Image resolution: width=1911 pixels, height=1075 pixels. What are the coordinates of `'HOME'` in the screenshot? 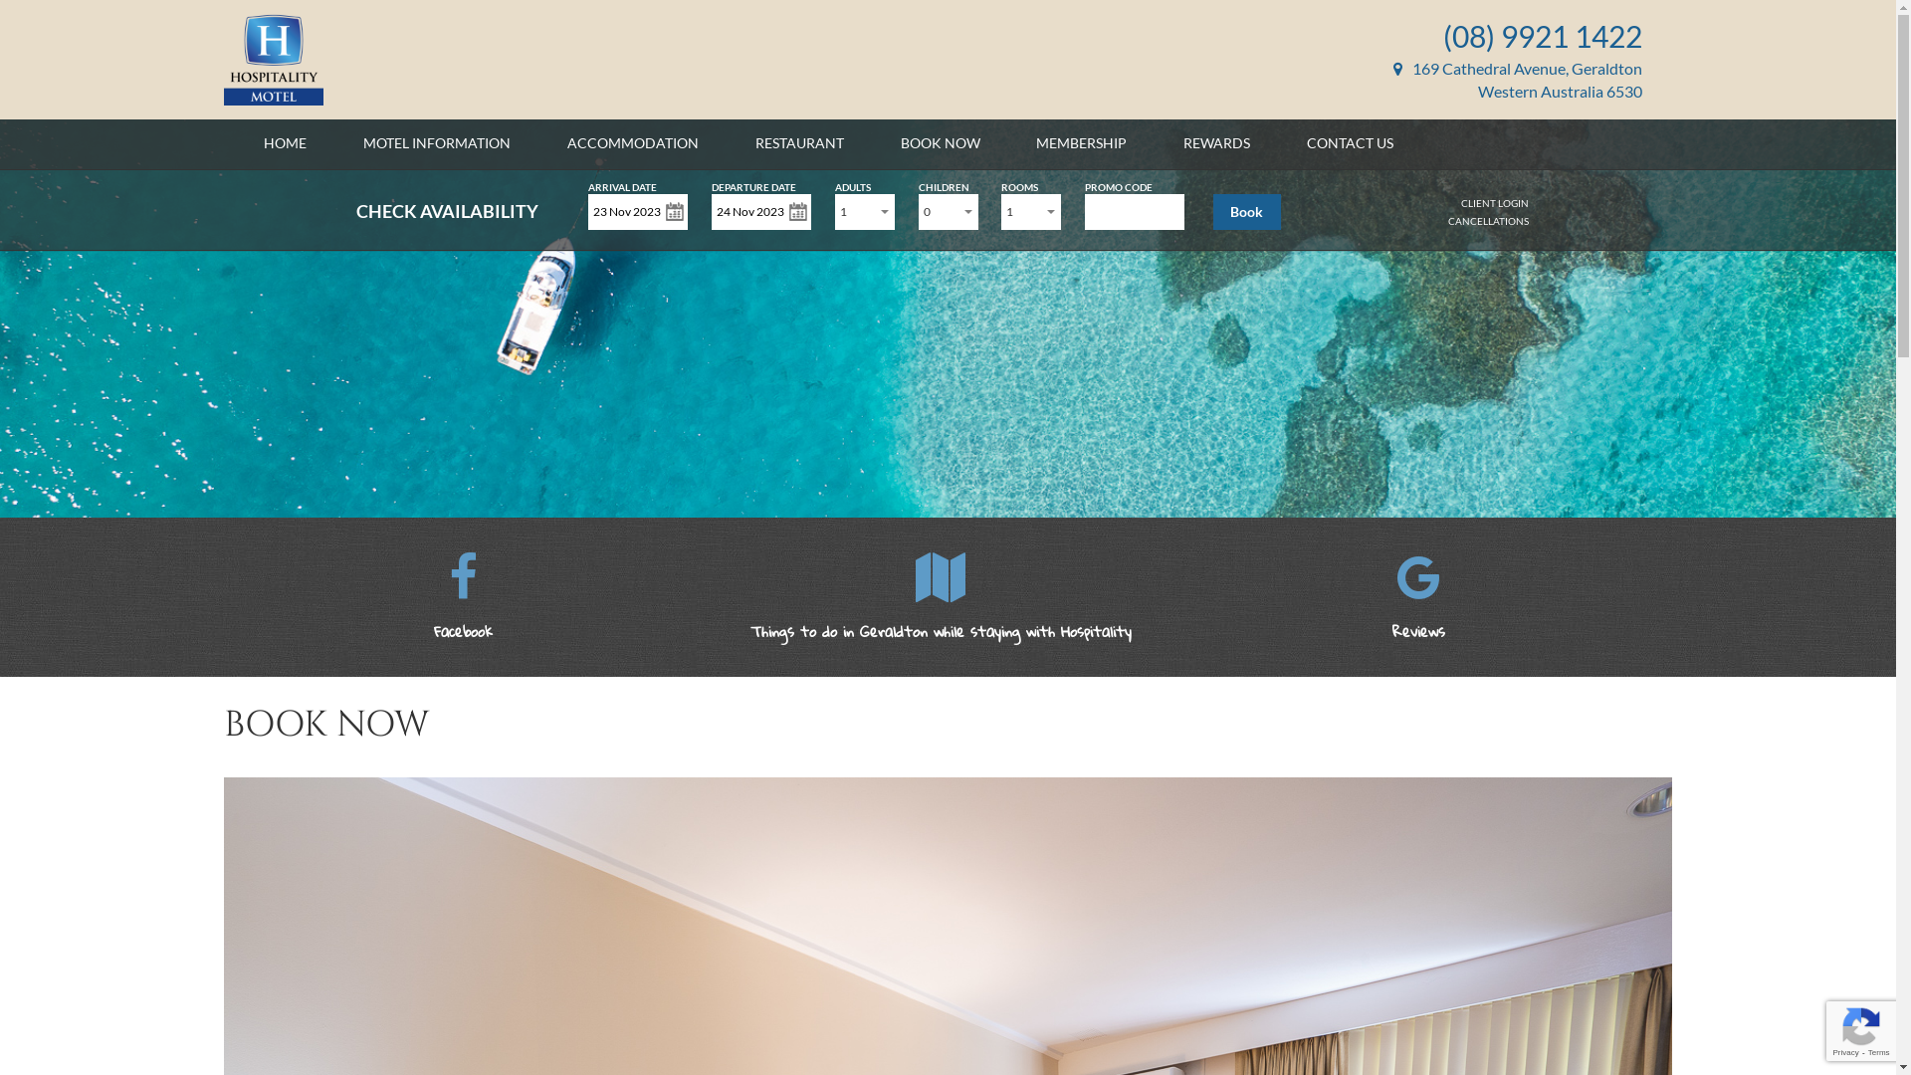 It's located at (284, 141).